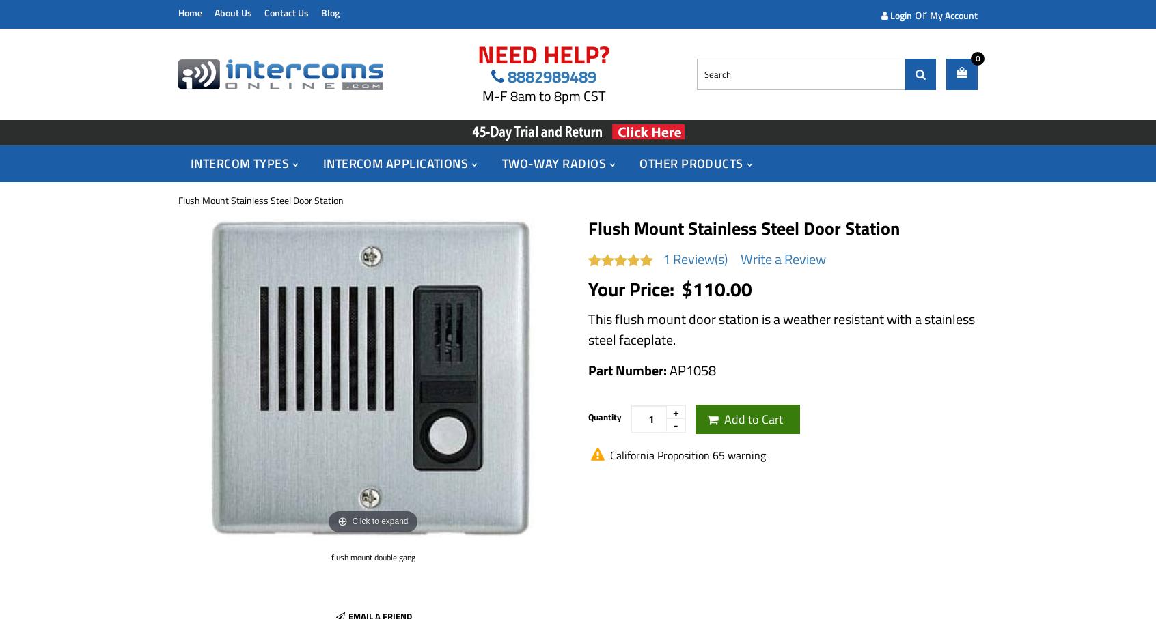  What do you see at coordinates (543, 96) in the screenshot?
I see `'M-F 8am to 8pm CST'` at bounding box center [543, 96].